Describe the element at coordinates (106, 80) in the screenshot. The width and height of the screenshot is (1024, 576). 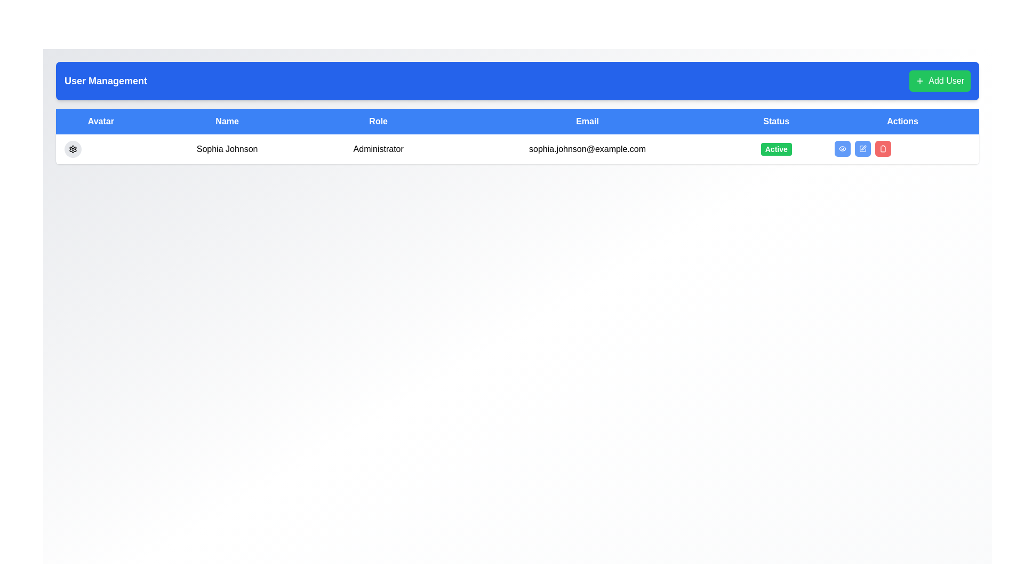
I see `the 'User Management' text label located on the left-hand side of the blue header bar, which indicates the purpose of the dashboard` at that location.